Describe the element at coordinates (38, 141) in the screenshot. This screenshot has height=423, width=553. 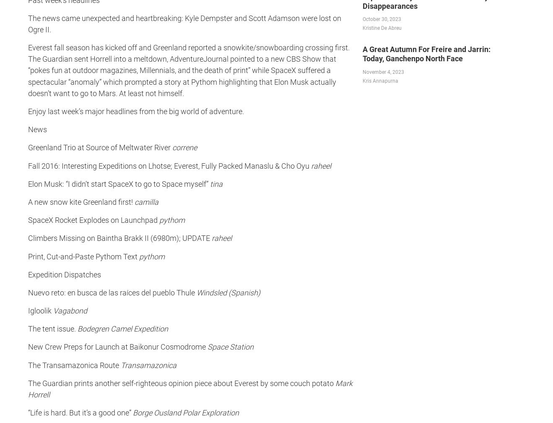
I see `'Also on Explorersweb'` at that location.